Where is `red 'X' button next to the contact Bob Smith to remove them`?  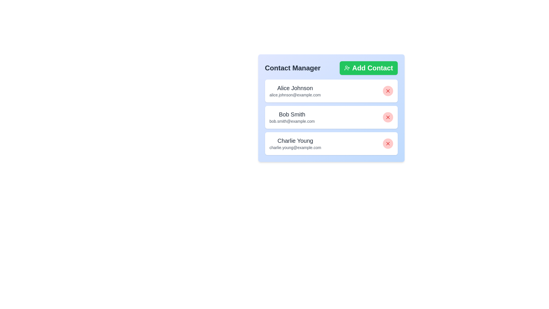 red 'X' button next to the contact Bob Smith to remove them is located at coordinates (388, 117).